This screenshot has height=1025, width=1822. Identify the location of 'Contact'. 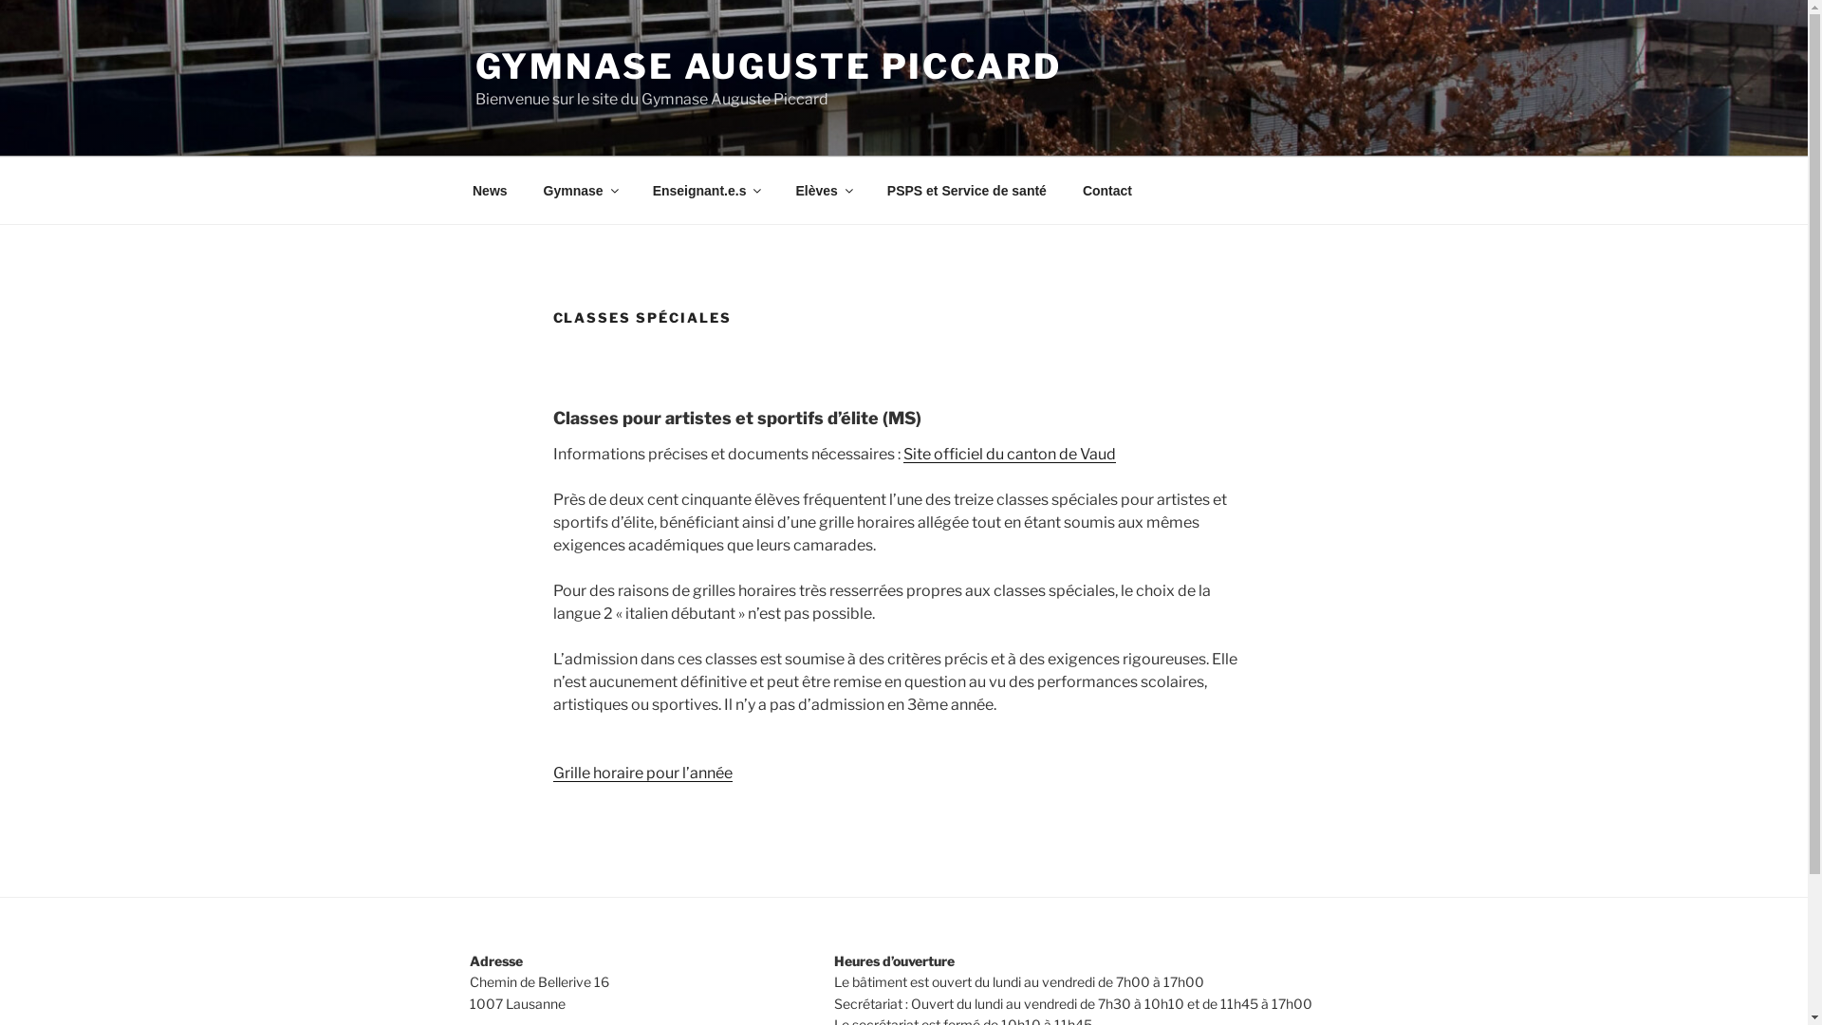
(1106, 190).